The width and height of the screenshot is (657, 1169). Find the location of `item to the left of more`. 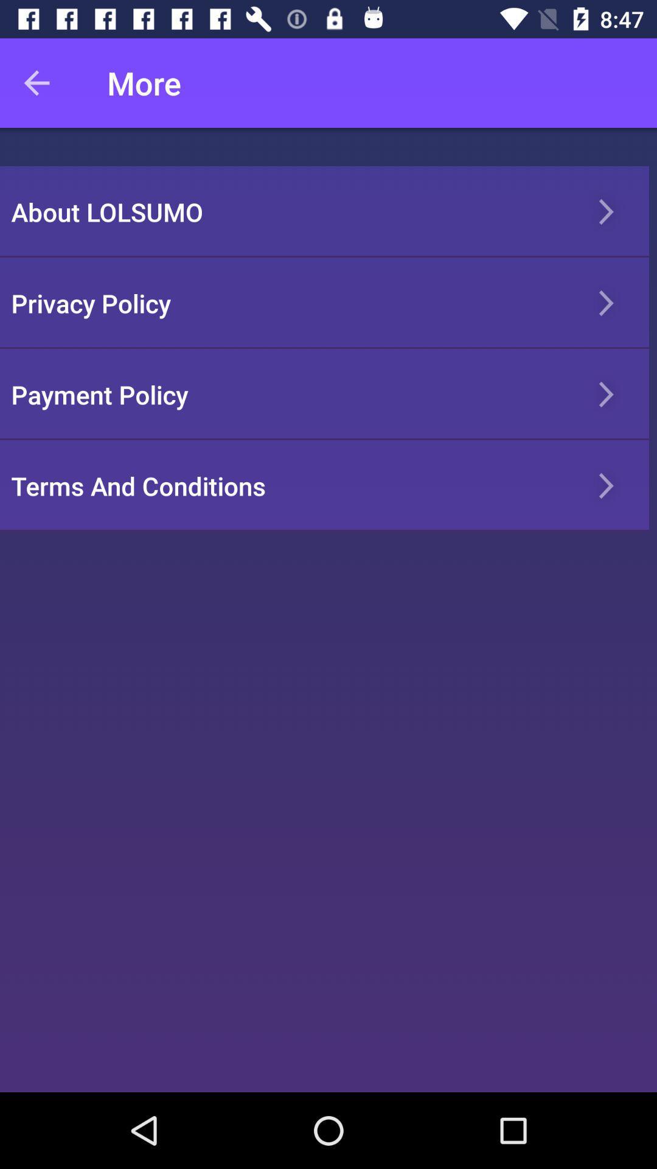

item to the left of more is located at coordinates (44, 82).